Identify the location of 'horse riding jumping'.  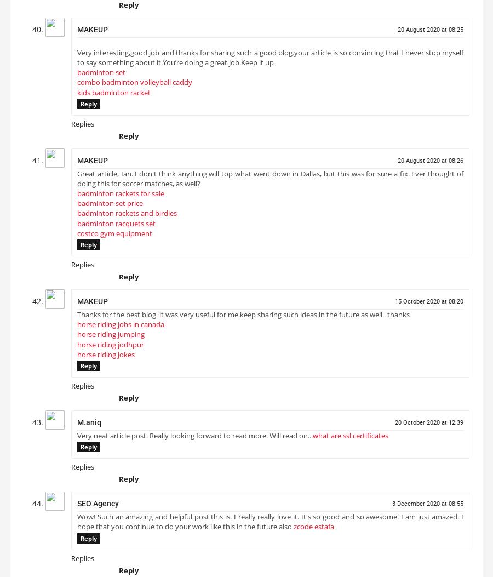
(111, 339).